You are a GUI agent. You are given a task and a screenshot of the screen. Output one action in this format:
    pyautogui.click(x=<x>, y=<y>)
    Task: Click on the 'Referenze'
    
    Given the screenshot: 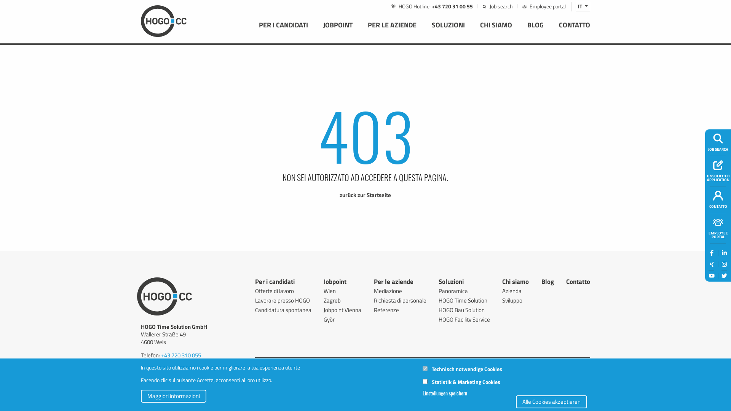 What is the action you would take?
    pyautogui.click(x=400, y=310)
    